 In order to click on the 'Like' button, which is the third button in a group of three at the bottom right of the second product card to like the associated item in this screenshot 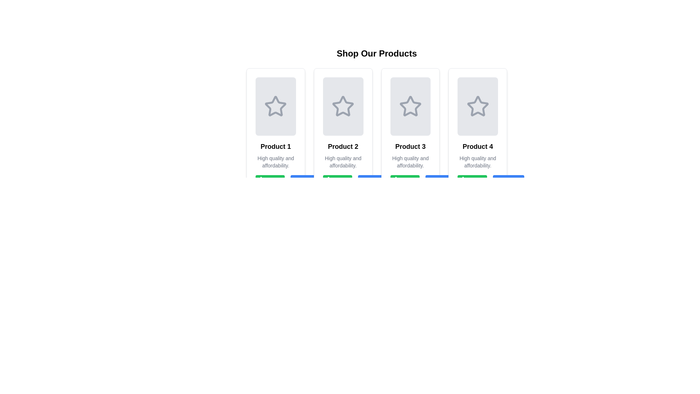, I will do `click(342, 181)`.